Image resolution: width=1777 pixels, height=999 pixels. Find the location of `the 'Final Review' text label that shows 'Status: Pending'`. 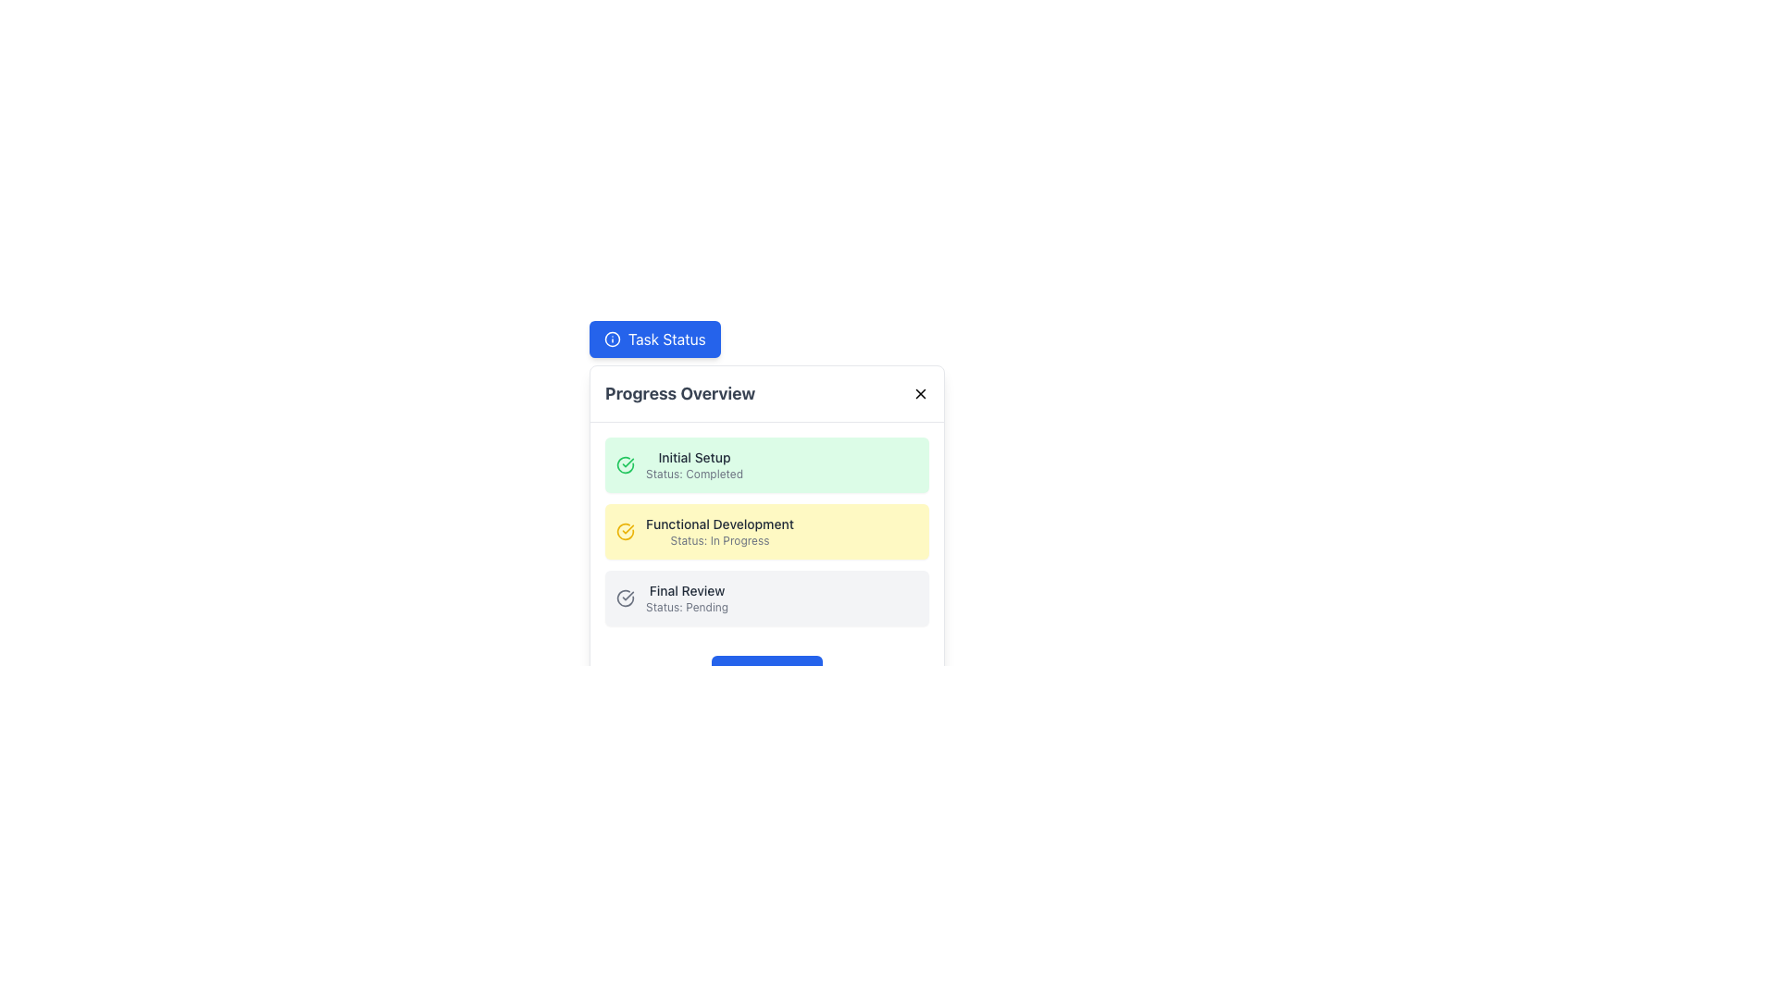

the 'Final Review' text label that shows 'Status: Pending' is located at coordinates (686, 598).